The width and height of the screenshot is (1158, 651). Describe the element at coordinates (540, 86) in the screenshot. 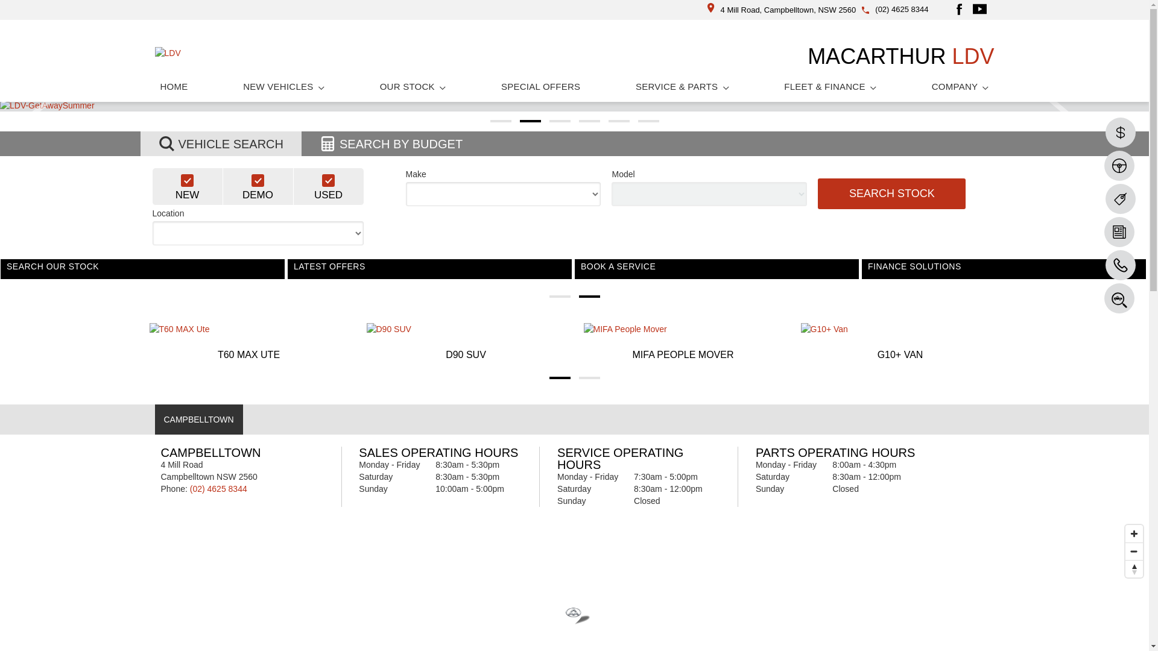

I see `'SPECIAL OFFERS'` at that location.